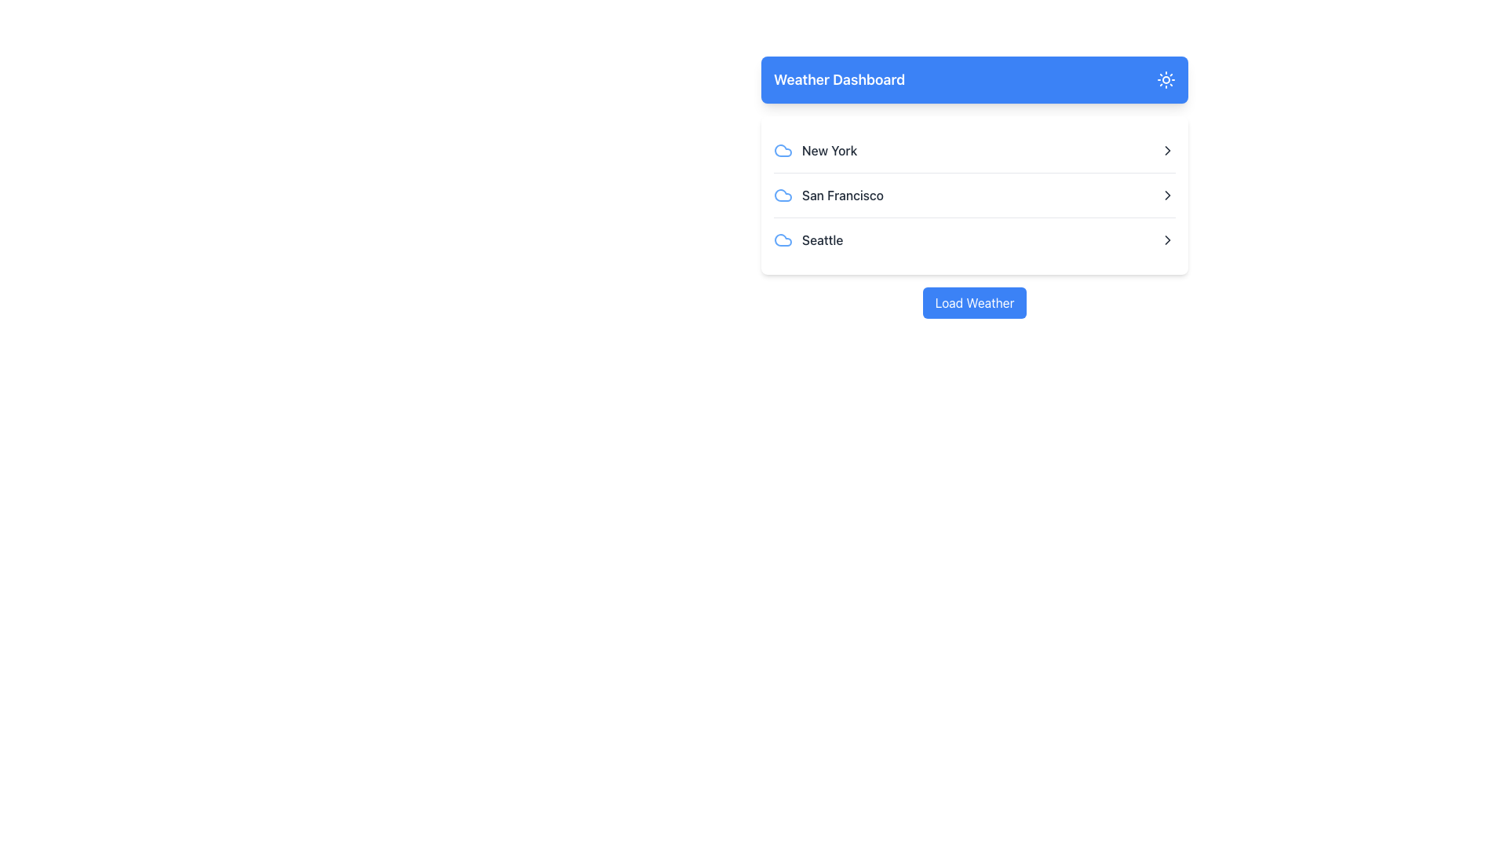  I want to click on the light blue cloud icon with rounded edges located in the second row of the weather dashboard, adjacent to the 'San Francisco' label, so click(783, 195).